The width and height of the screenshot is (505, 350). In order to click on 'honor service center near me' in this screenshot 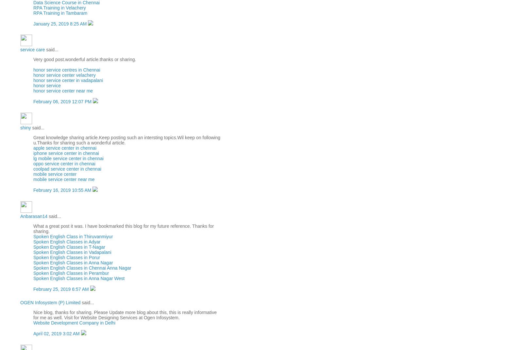, I will do `click(63, 91)`.